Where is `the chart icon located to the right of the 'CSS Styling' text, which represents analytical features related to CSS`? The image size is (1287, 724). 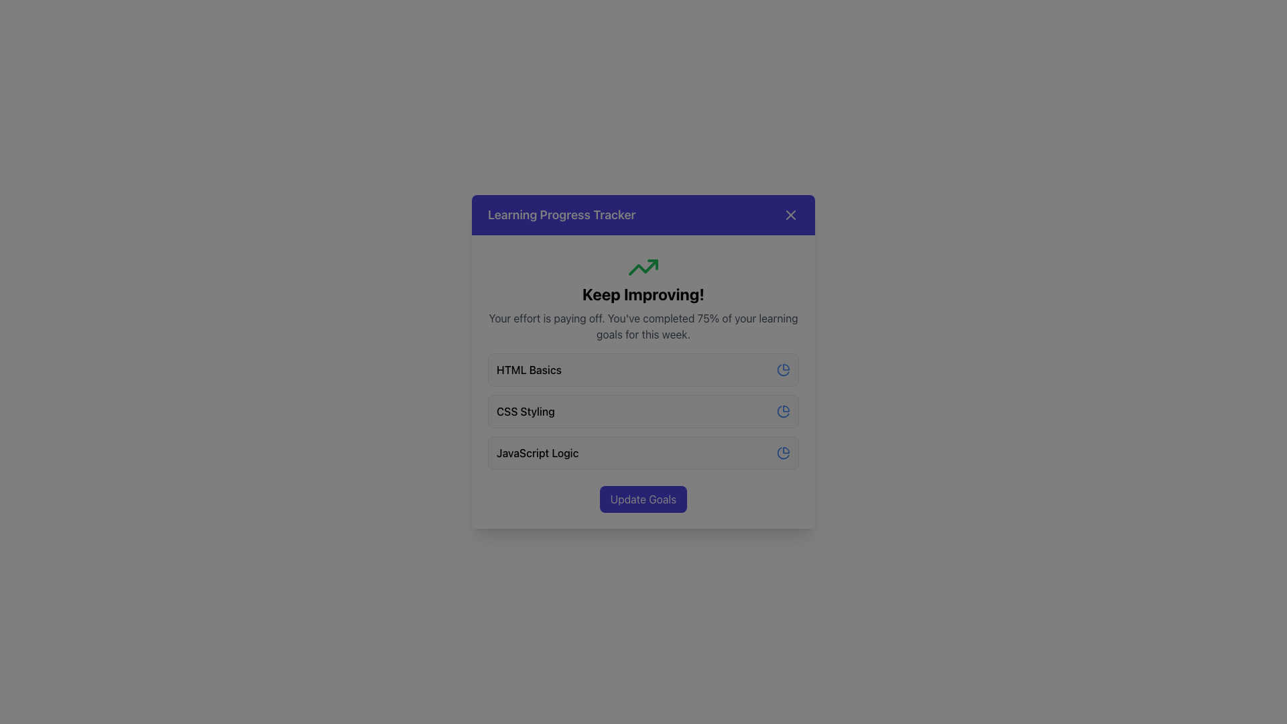 the chart icon located to the right of the 'CSS Styling' text, which represents analytical features related to CSS is located at coordinates (784, 410).